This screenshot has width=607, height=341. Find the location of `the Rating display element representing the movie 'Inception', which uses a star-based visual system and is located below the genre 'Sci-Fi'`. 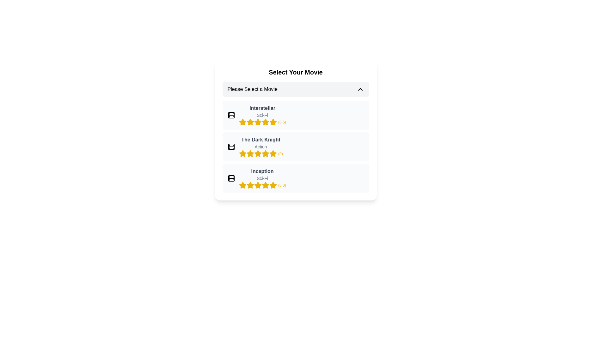

the Rating display element representing the movie 'Inception', which uses a star-based visual system and is located below the genre 'Sci-Fi' is located at coordinates (262, 185).